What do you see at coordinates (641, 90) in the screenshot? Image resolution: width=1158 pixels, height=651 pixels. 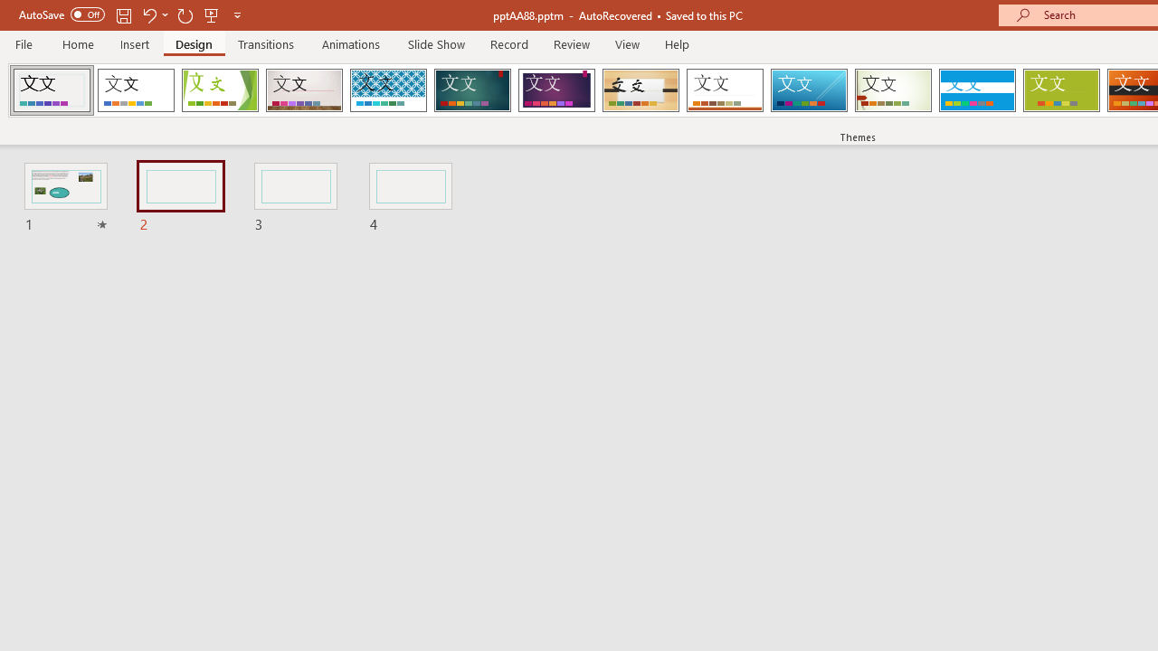 I see `'Organic Loading Preview...'` at bounding box center [641, 90].